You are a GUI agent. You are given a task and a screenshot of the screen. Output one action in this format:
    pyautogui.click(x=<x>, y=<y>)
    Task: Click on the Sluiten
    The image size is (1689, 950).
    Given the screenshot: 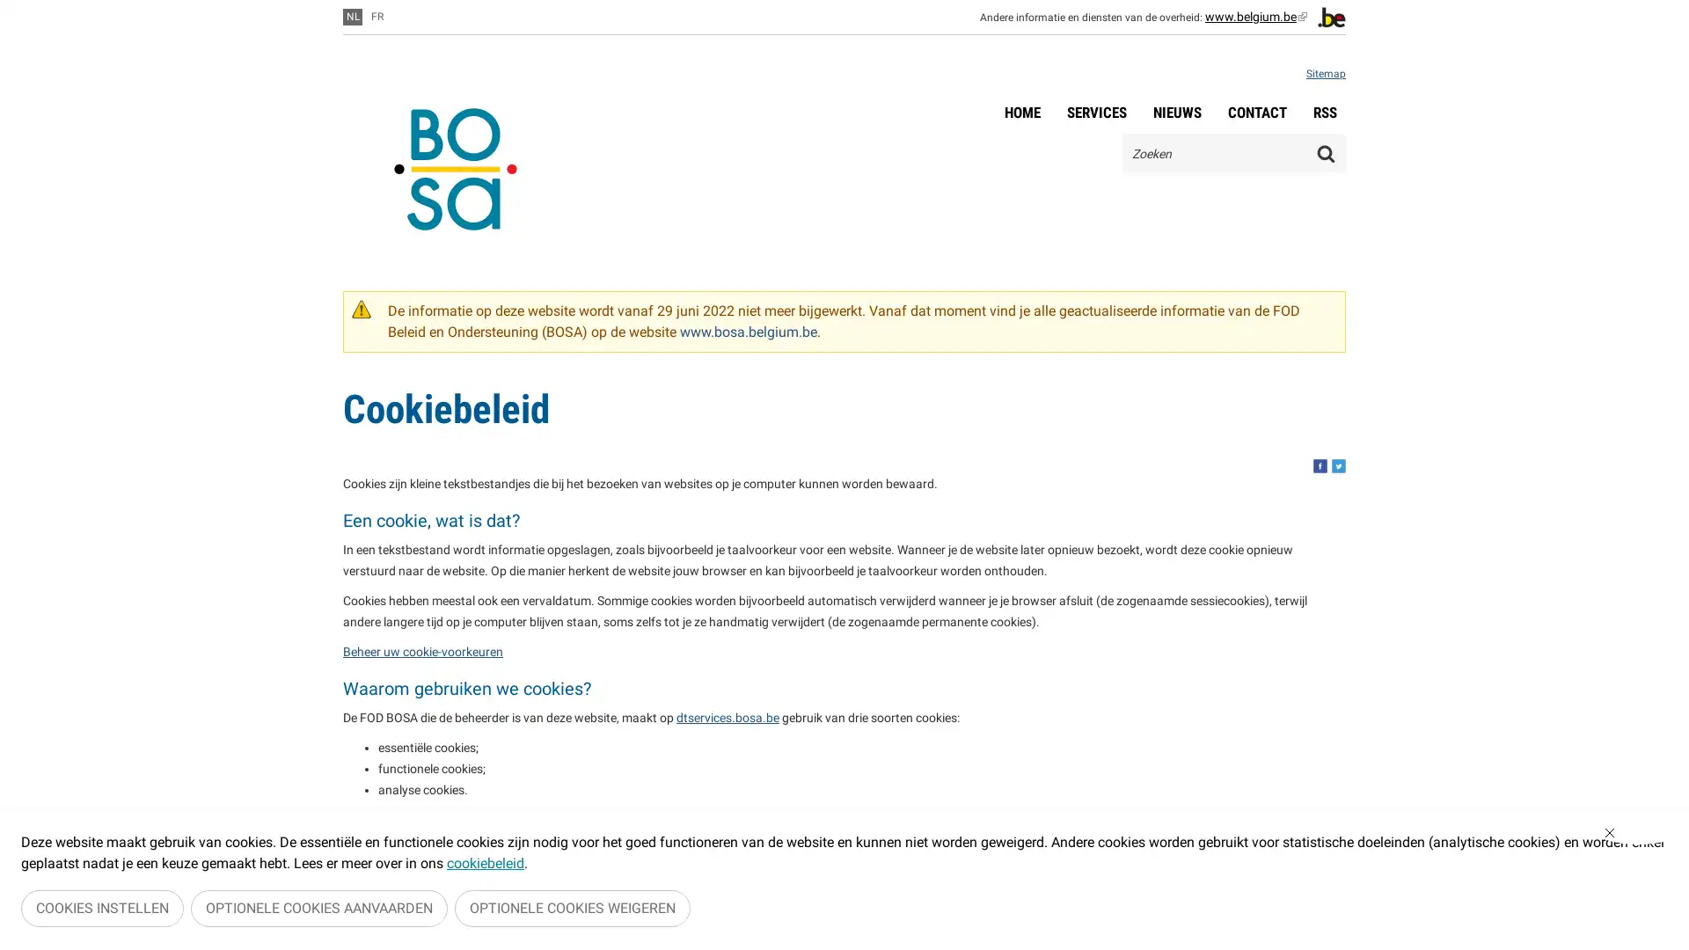 What is the action you would take?
    pyautogui.click(x=1637, y=836)
    